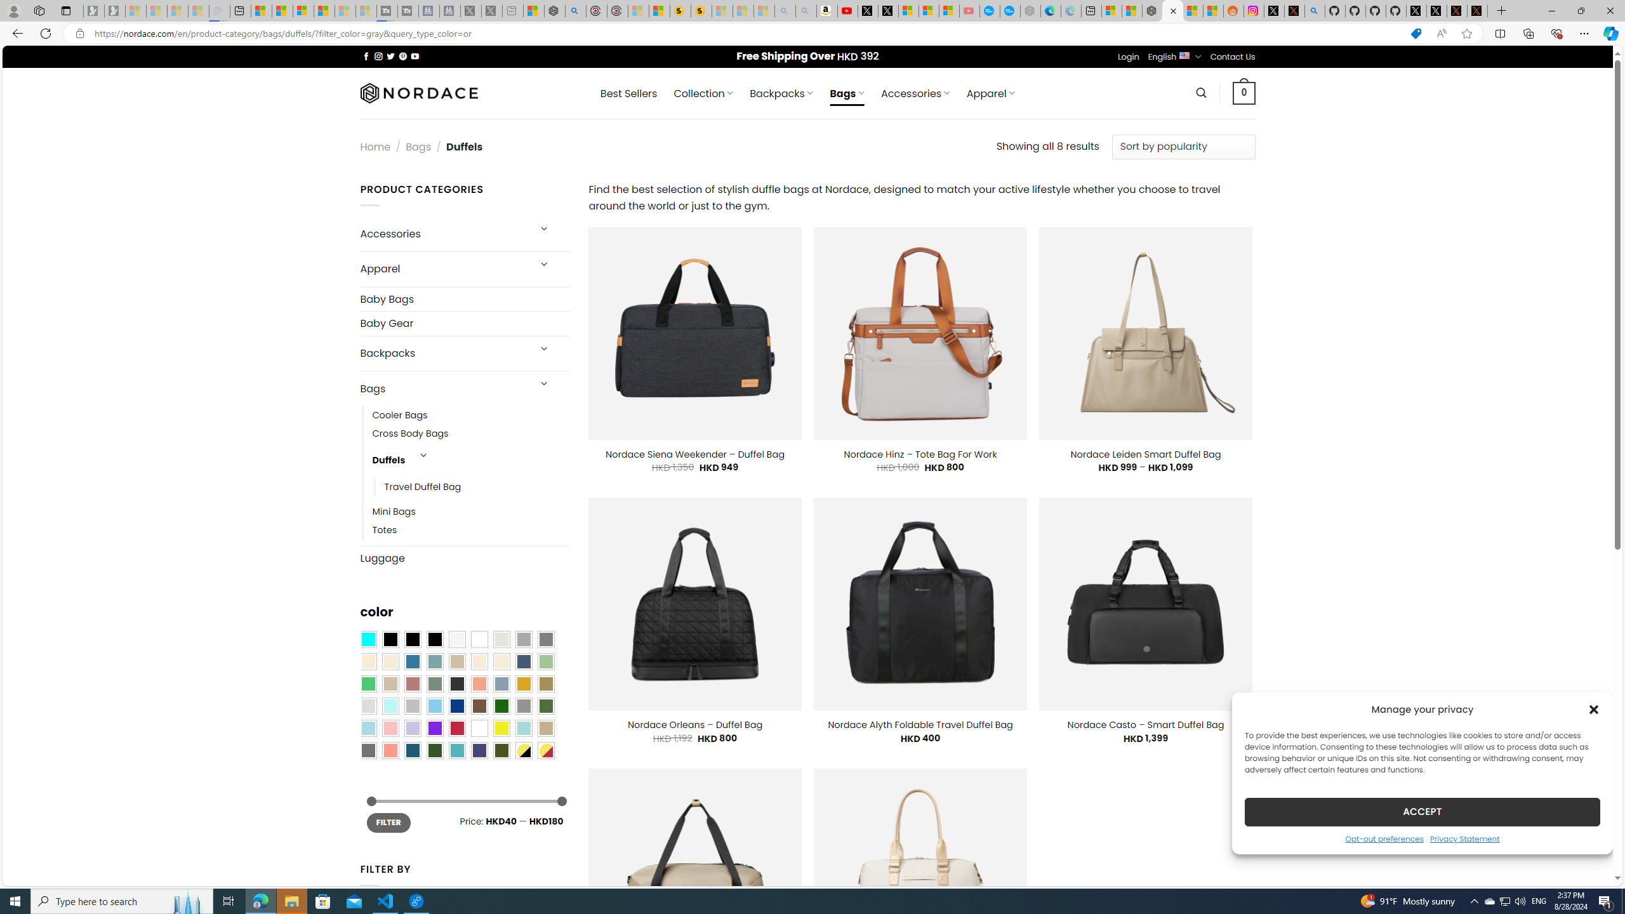 This screenshot has height=914, width=1625. I want to click on 'Light Purple', so click(412, 727).